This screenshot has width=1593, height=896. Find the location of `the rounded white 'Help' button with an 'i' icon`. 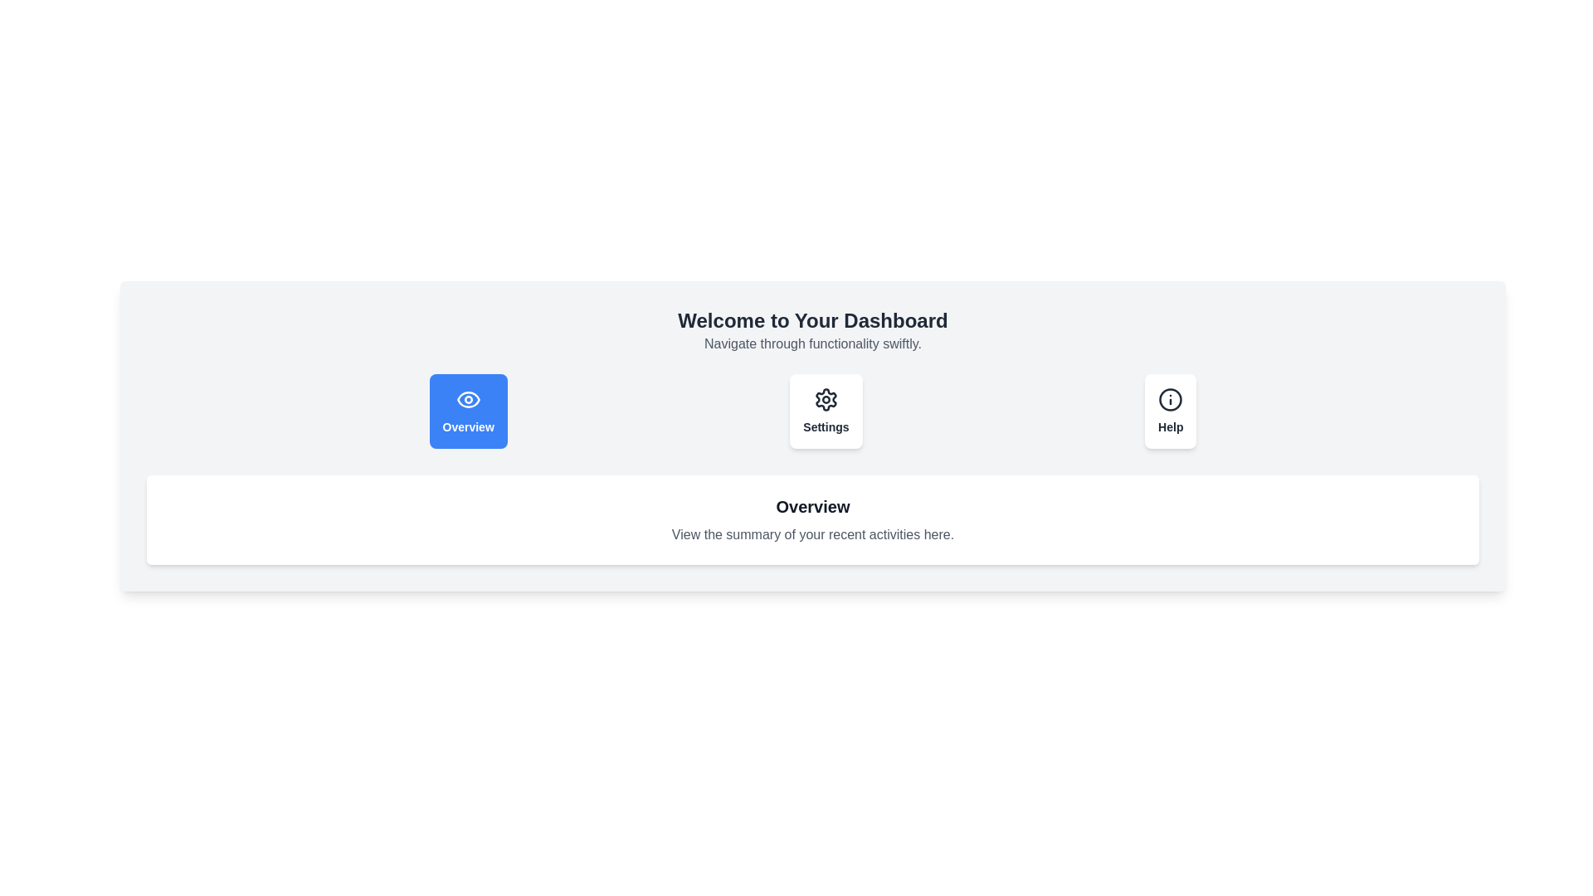

the rounded white 'Help' button with an 'i' icon is located at coordinates (1170, 411).